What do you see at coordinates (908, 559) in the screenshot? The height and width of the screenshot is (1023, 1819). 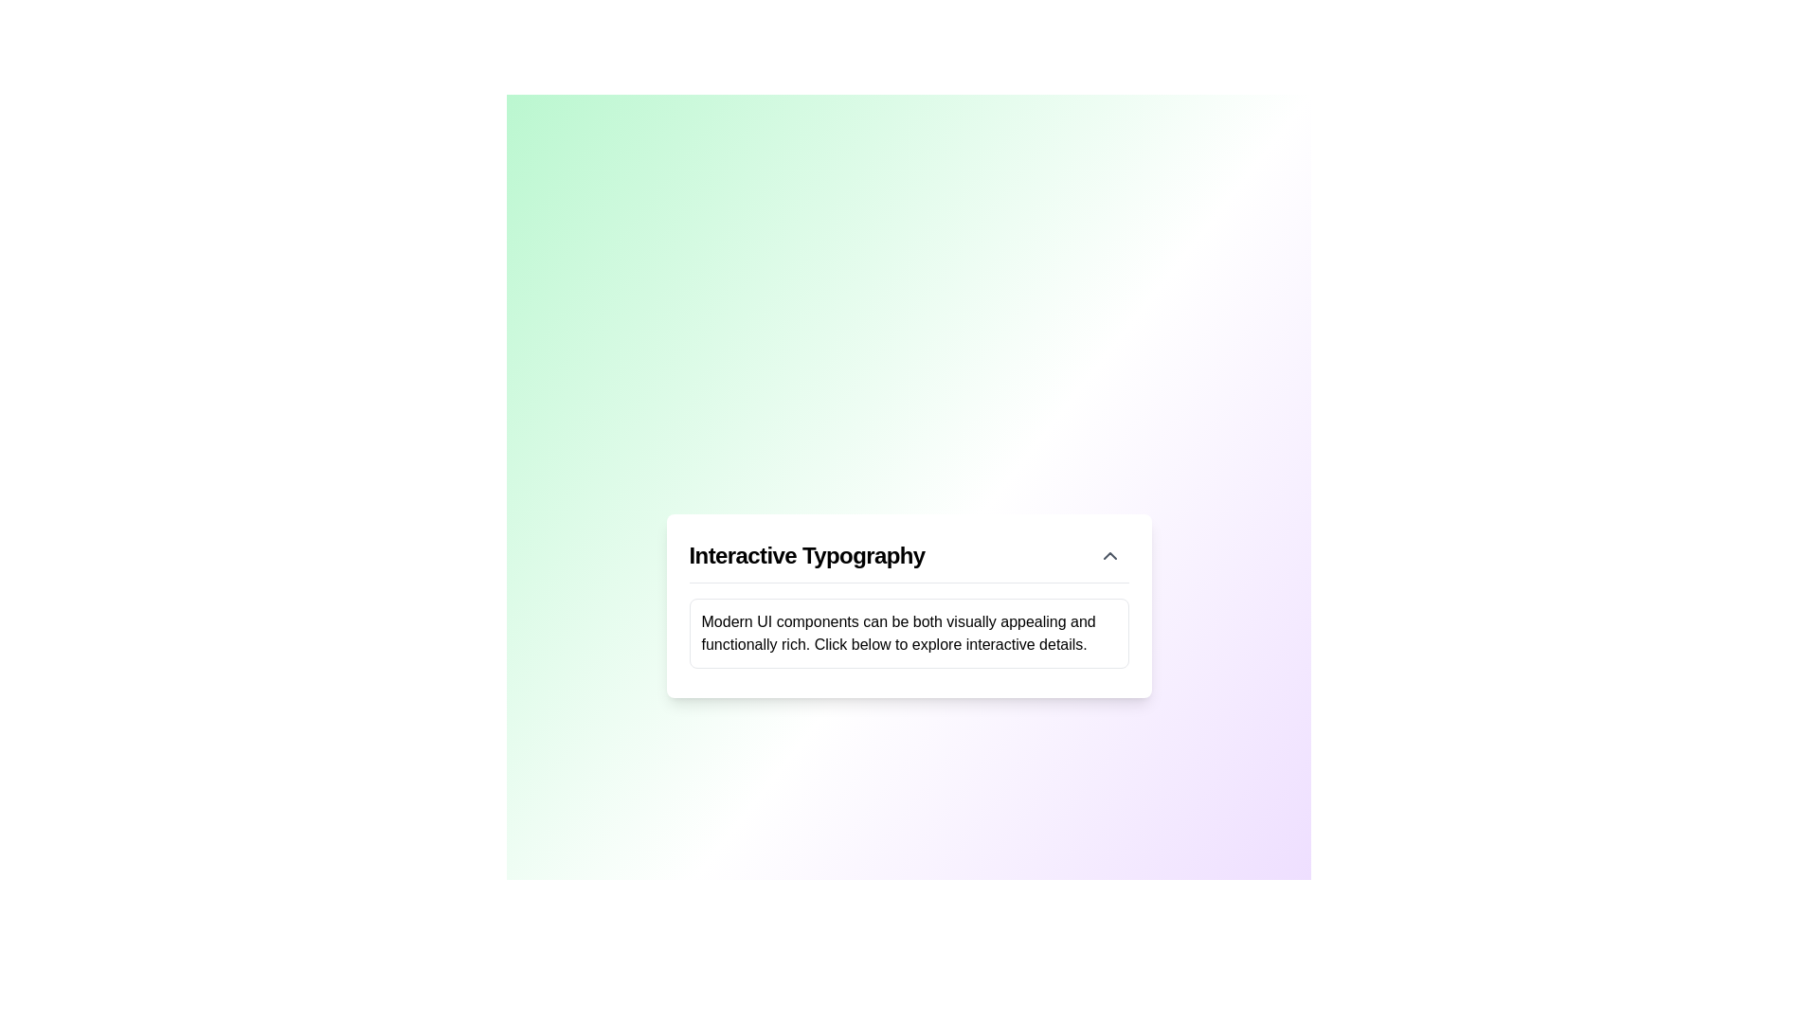 I see `the collapsible header or title bar with a toggle icon` at bounding box center [908, 559].